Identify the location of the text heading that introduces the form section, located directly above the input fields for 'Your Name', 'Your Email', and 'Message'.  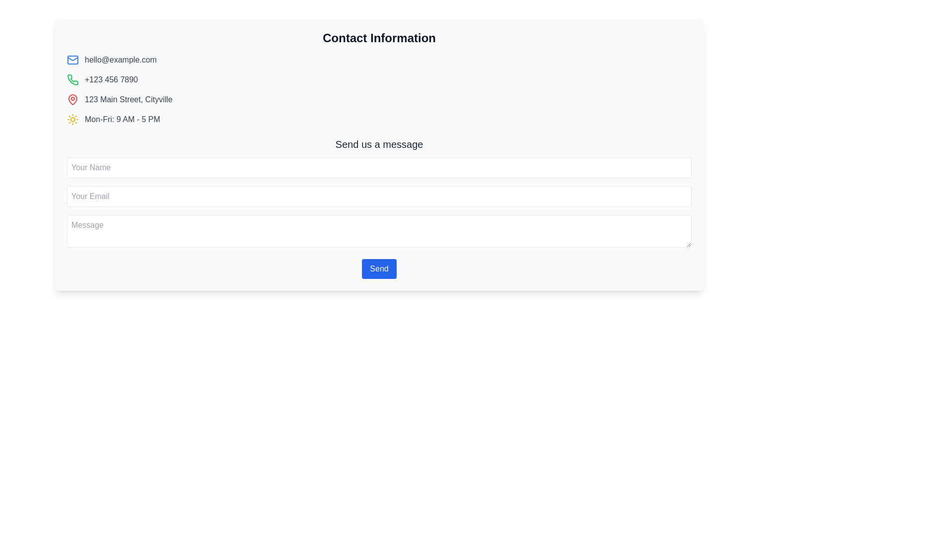
(378, 144).